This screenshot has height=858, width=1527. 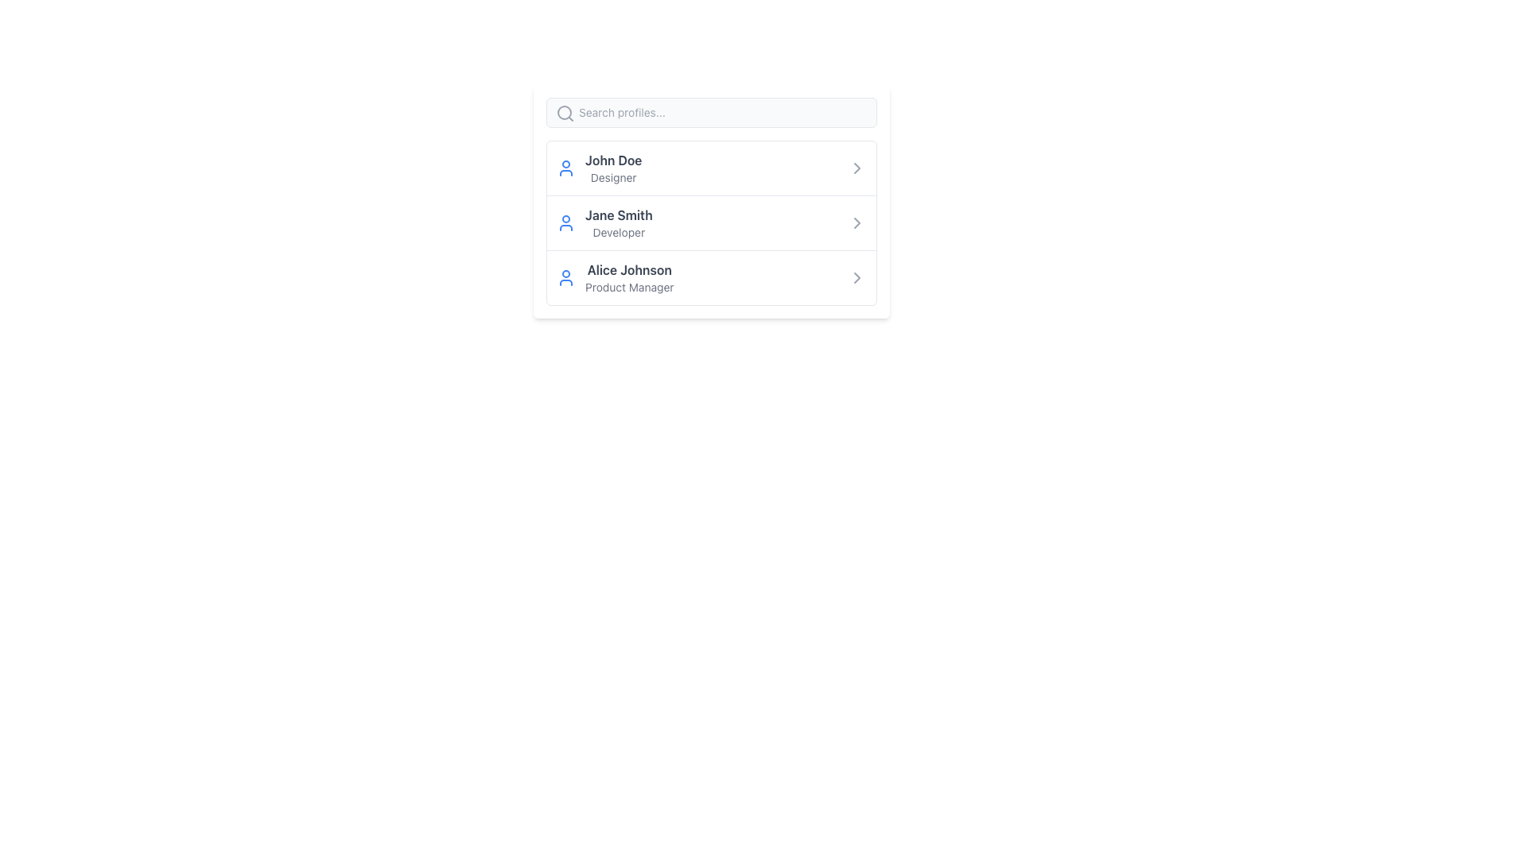 I want to click on the second row in the list displaying user 'Jane Smith', a Developer, so click(x=710, y=222).